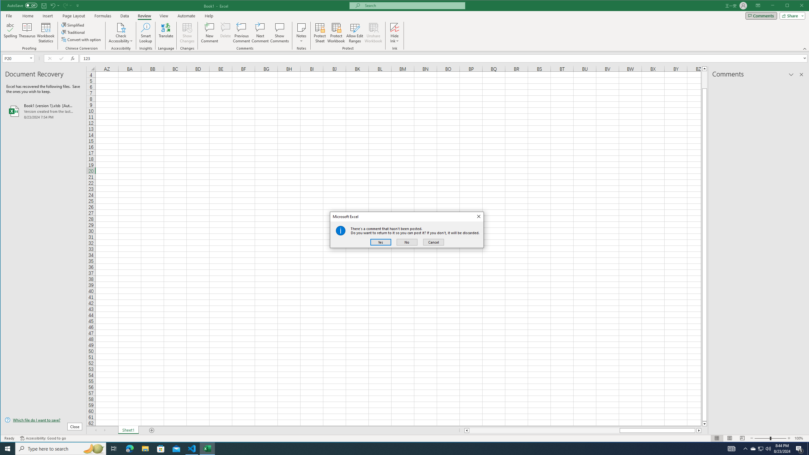  Describe the element at coordinates (433, 242) in the screenshot. I see `'Cancel'` at that location.